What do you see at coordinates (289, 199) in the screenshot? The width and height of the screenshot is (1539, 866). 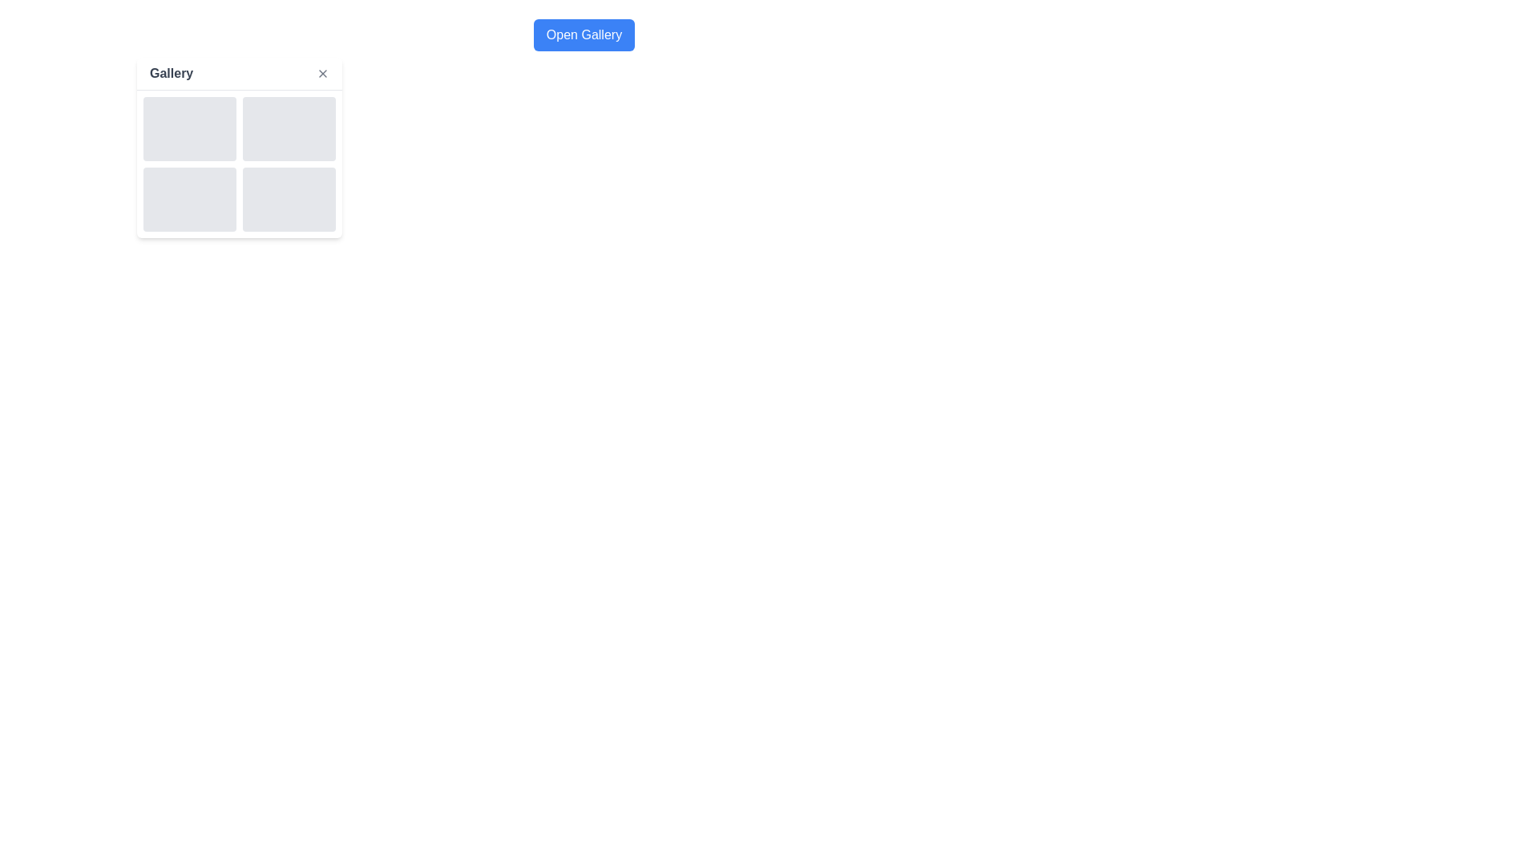 I see `the light gray rectangular Content block with rounded corners located in the second column of the second row of the grid layout` at bounding box center [289, 199].